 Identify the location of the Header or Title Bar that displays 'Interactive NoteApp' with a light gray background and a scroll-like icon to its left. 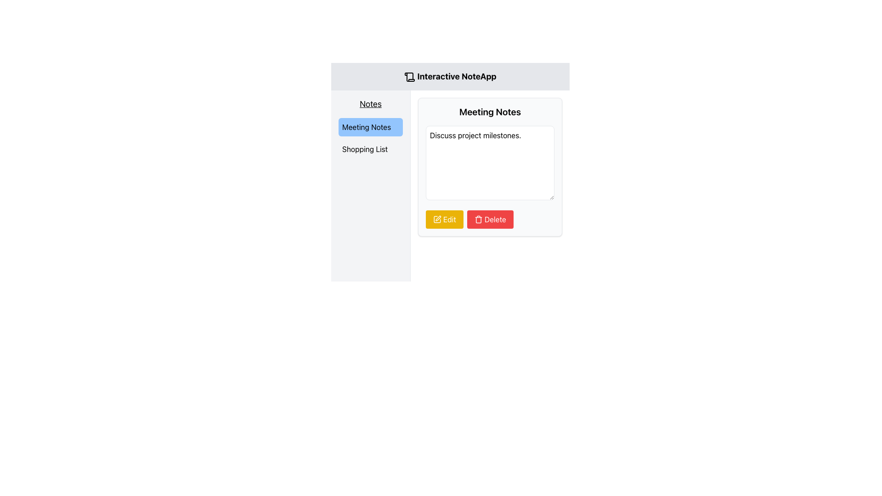
(450, 76).